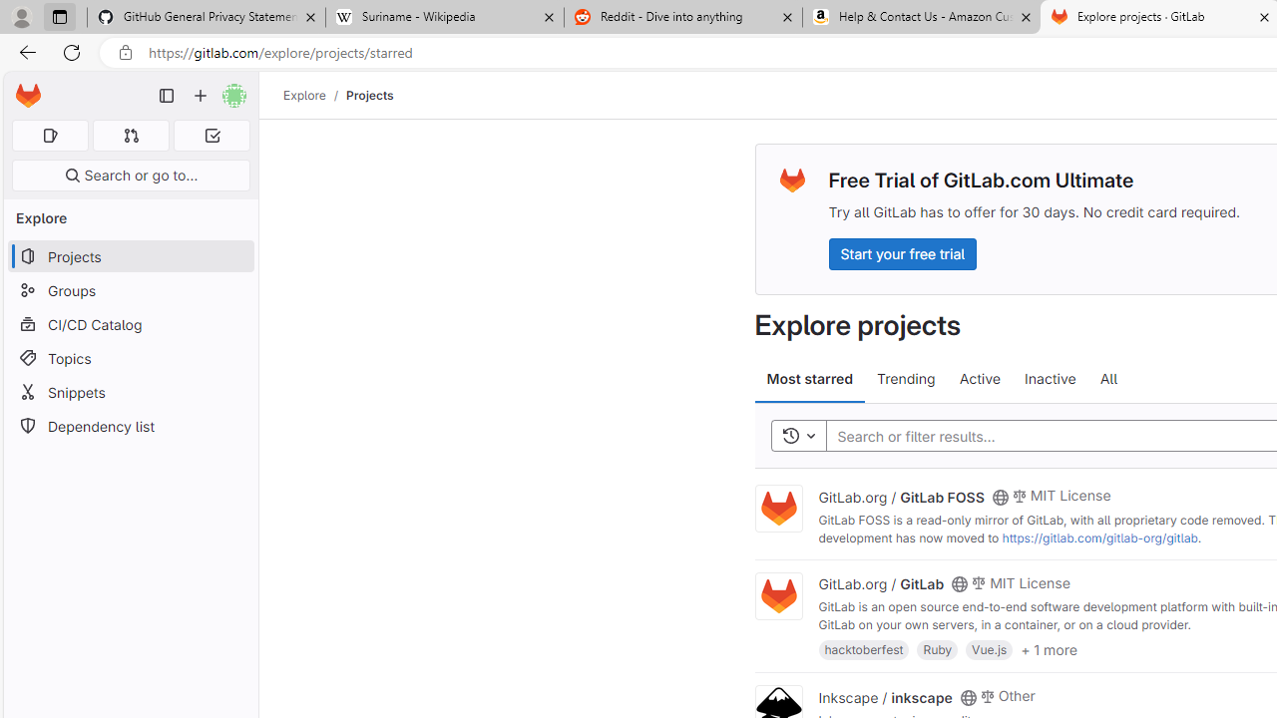 This screenshot has height=718, width=1277. I want to click on 'GitLab.org / GitLab FOSS', so click(900, 495).